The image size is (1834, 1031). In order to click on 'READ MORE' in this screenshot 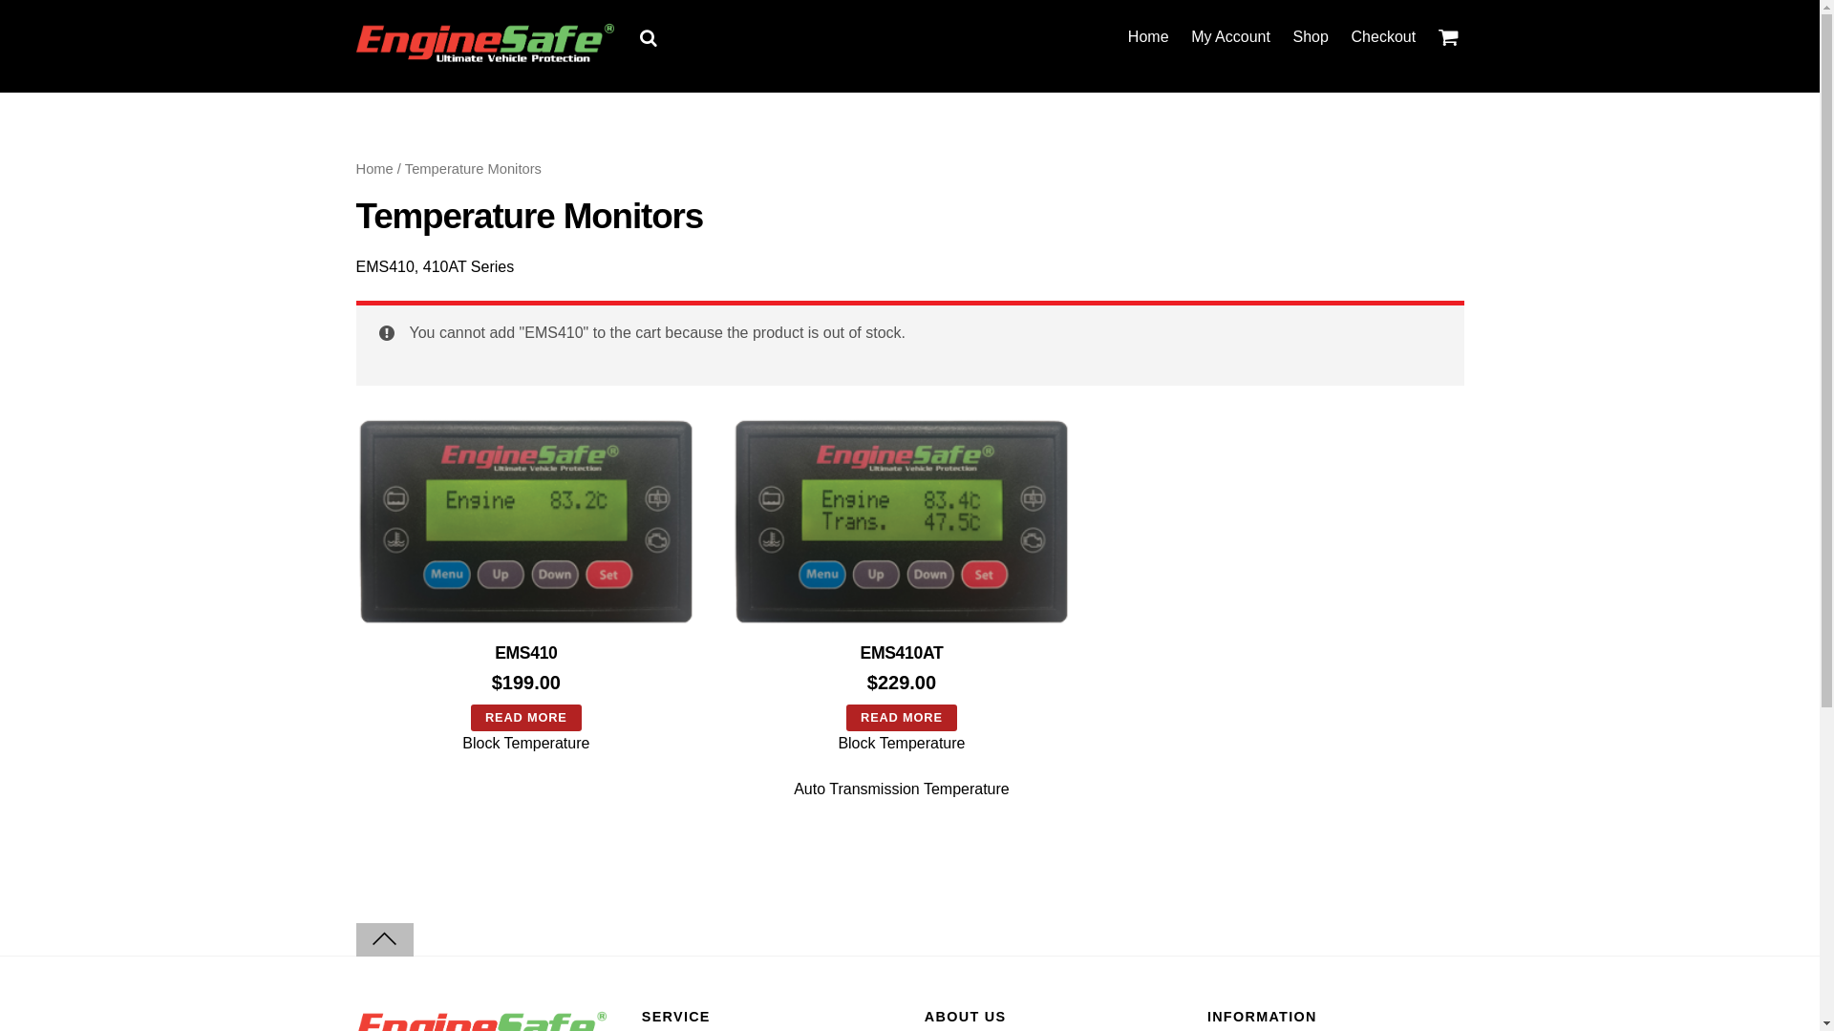, I will do `click(526, 718)`.